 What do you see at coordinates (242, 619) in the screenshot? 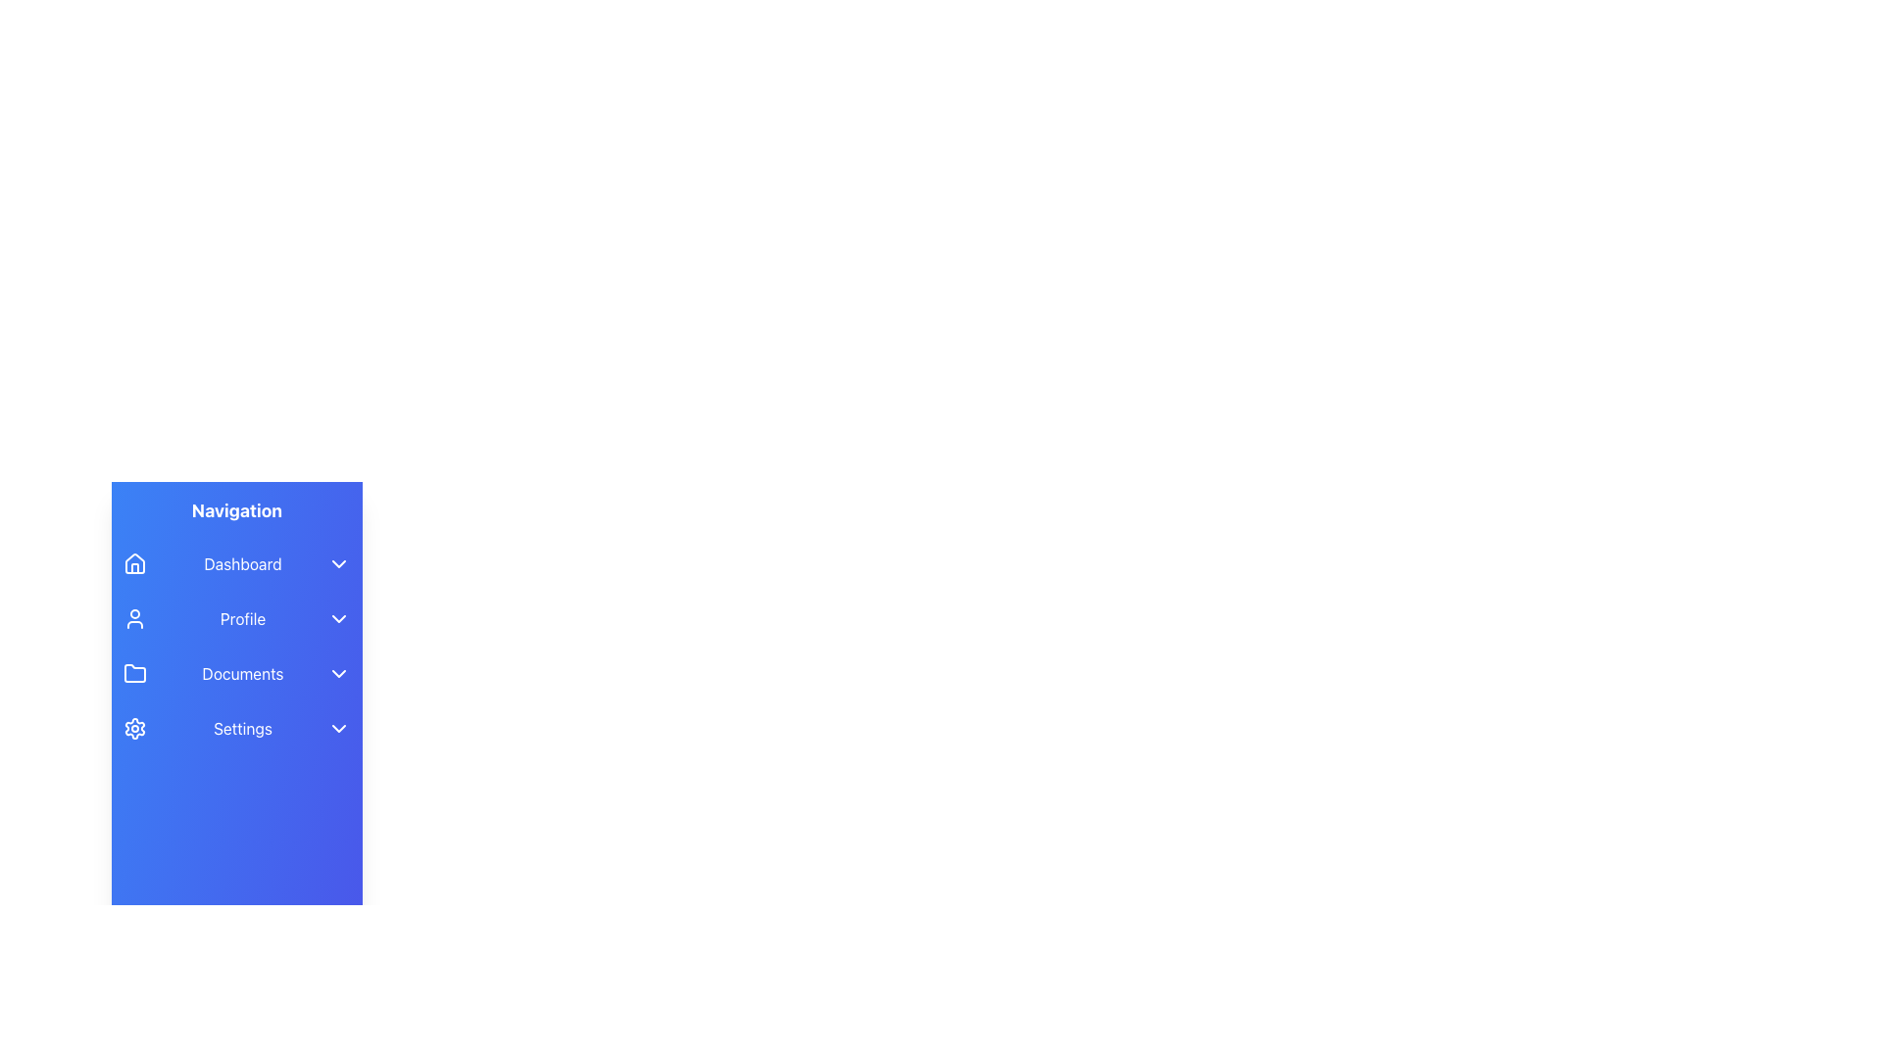
I see `the 'Profile' text label in the vertical navigation menu` at bounding box center [242, 619].